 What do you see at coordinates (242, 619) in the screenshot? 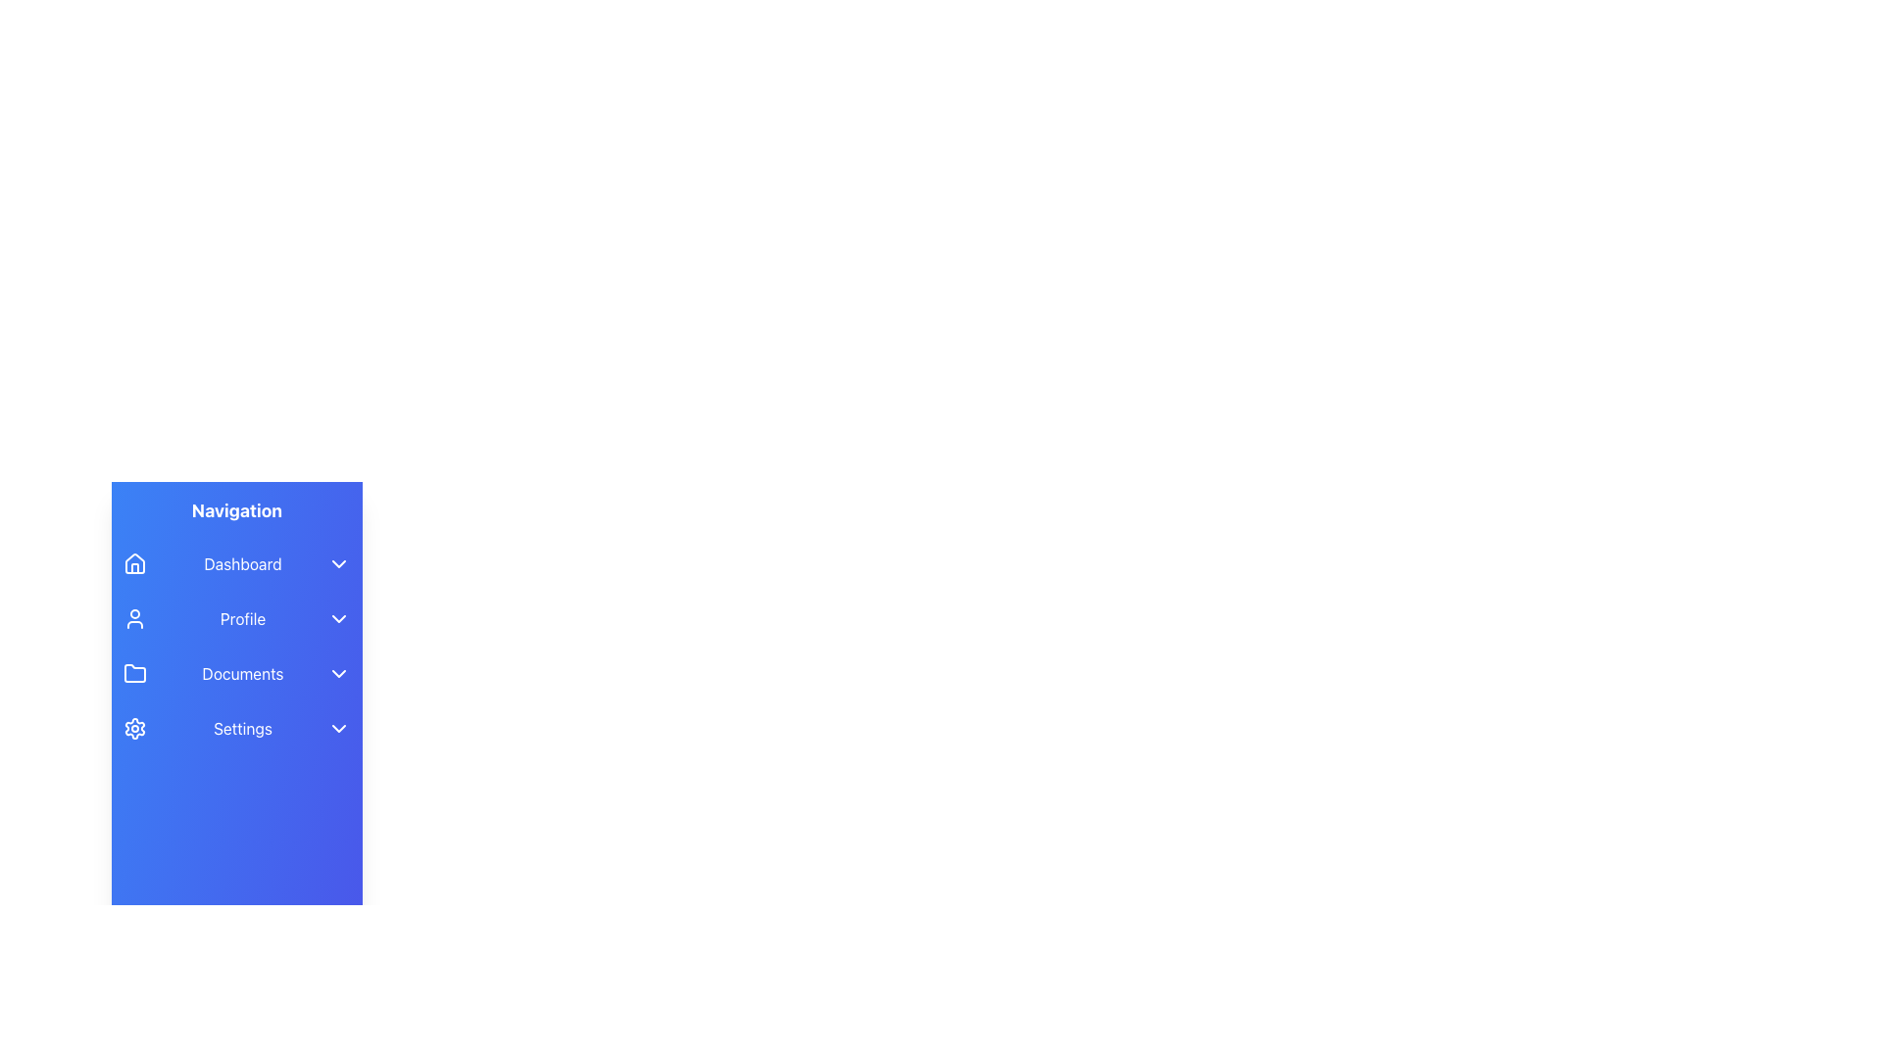
I see `the 'Profile' text label in the vertical navigation menu` at bounding box center [242, 619].